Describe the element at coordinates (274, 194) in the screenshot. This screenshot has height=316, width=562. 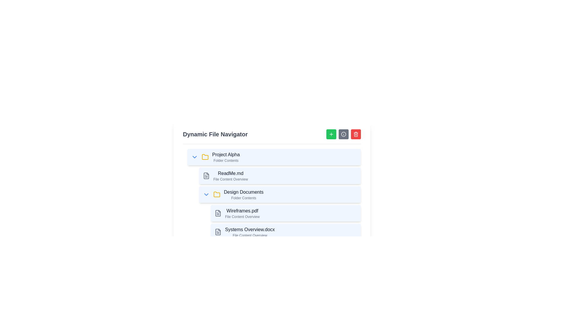
I see `the 'Design Documents' folder item in the navigation list` at that location.